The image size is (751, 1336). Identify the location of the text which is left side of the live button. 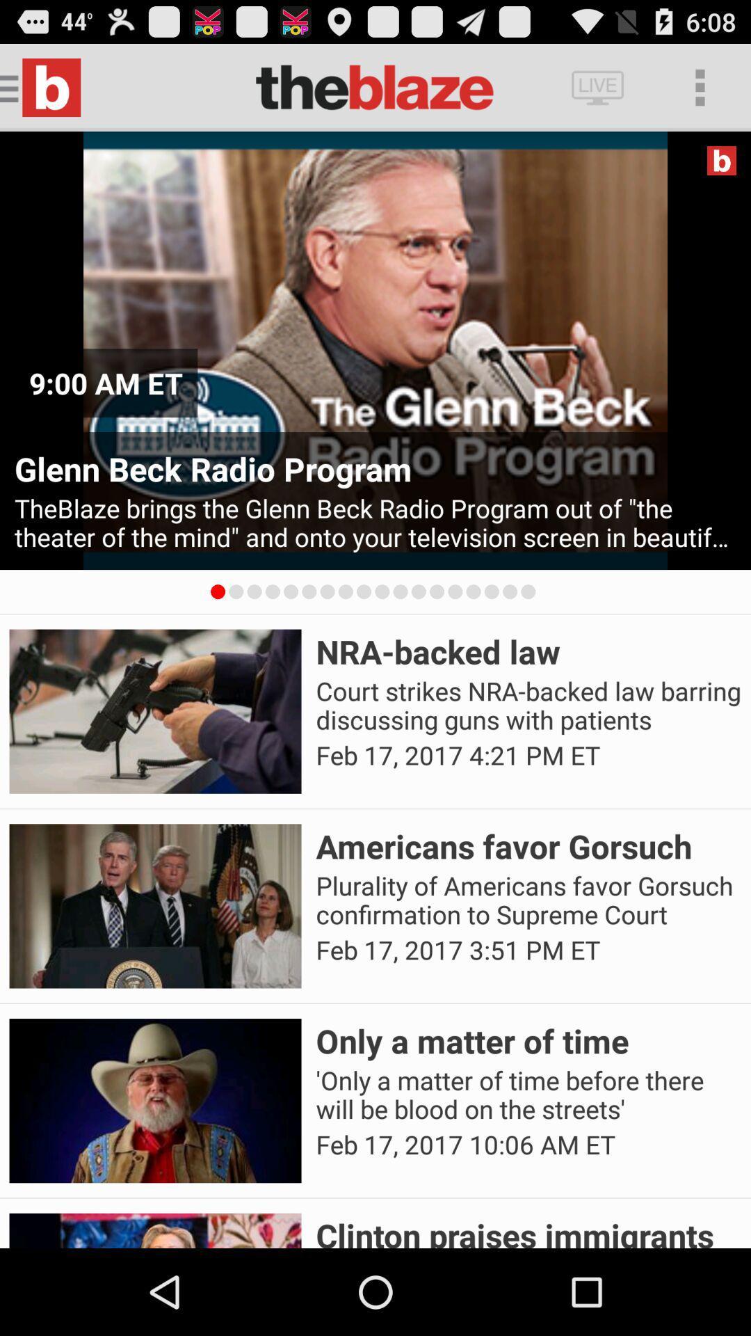
(374, 86).